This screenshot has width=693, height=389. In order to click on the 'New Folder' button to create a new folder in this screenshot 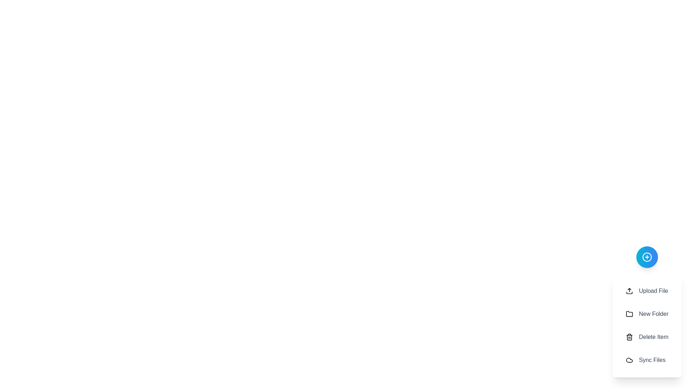, I will do `click(647, 313)`.